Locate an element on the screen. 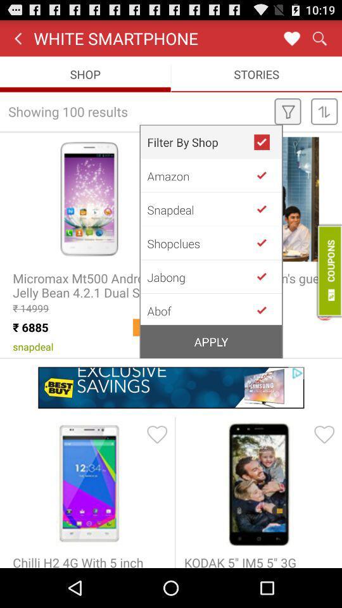 This screenshot has width=342, height=608. the apply icon is located at coordinates (211, 341).